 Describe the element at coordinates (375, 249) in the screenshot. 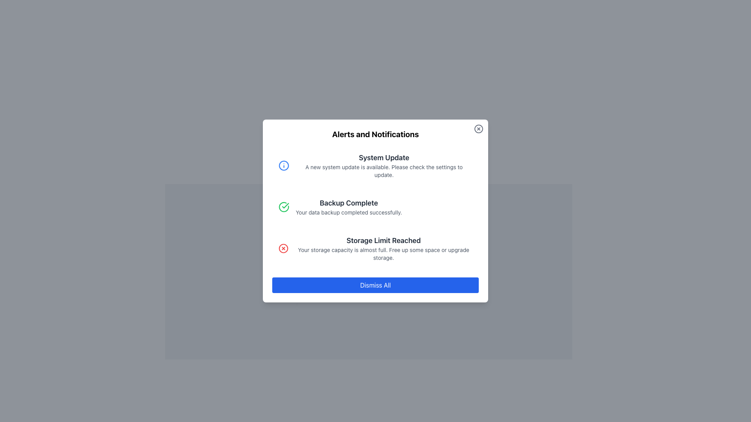

I see `the 'Storage Limit Reached' notification alert, which is the third notification in the list, featuring a pale red background and a bold title` at that location.